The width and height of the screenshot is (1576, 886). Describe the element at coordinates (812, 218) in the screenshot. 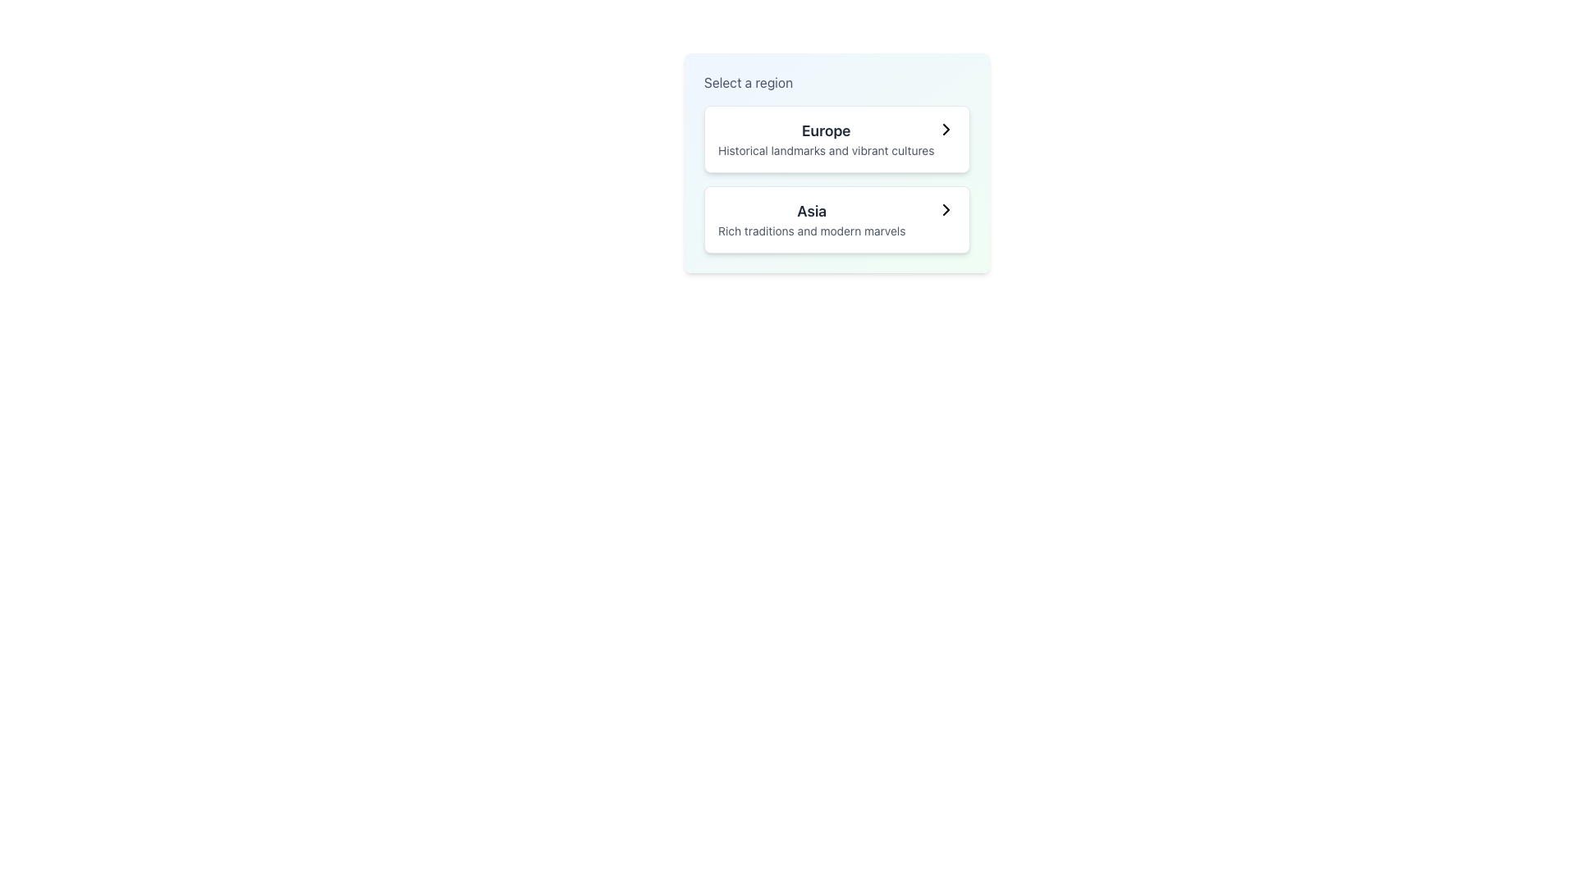

I see `the 'Asia' option in the selectable list under the heading 'Select a region'` at that location.